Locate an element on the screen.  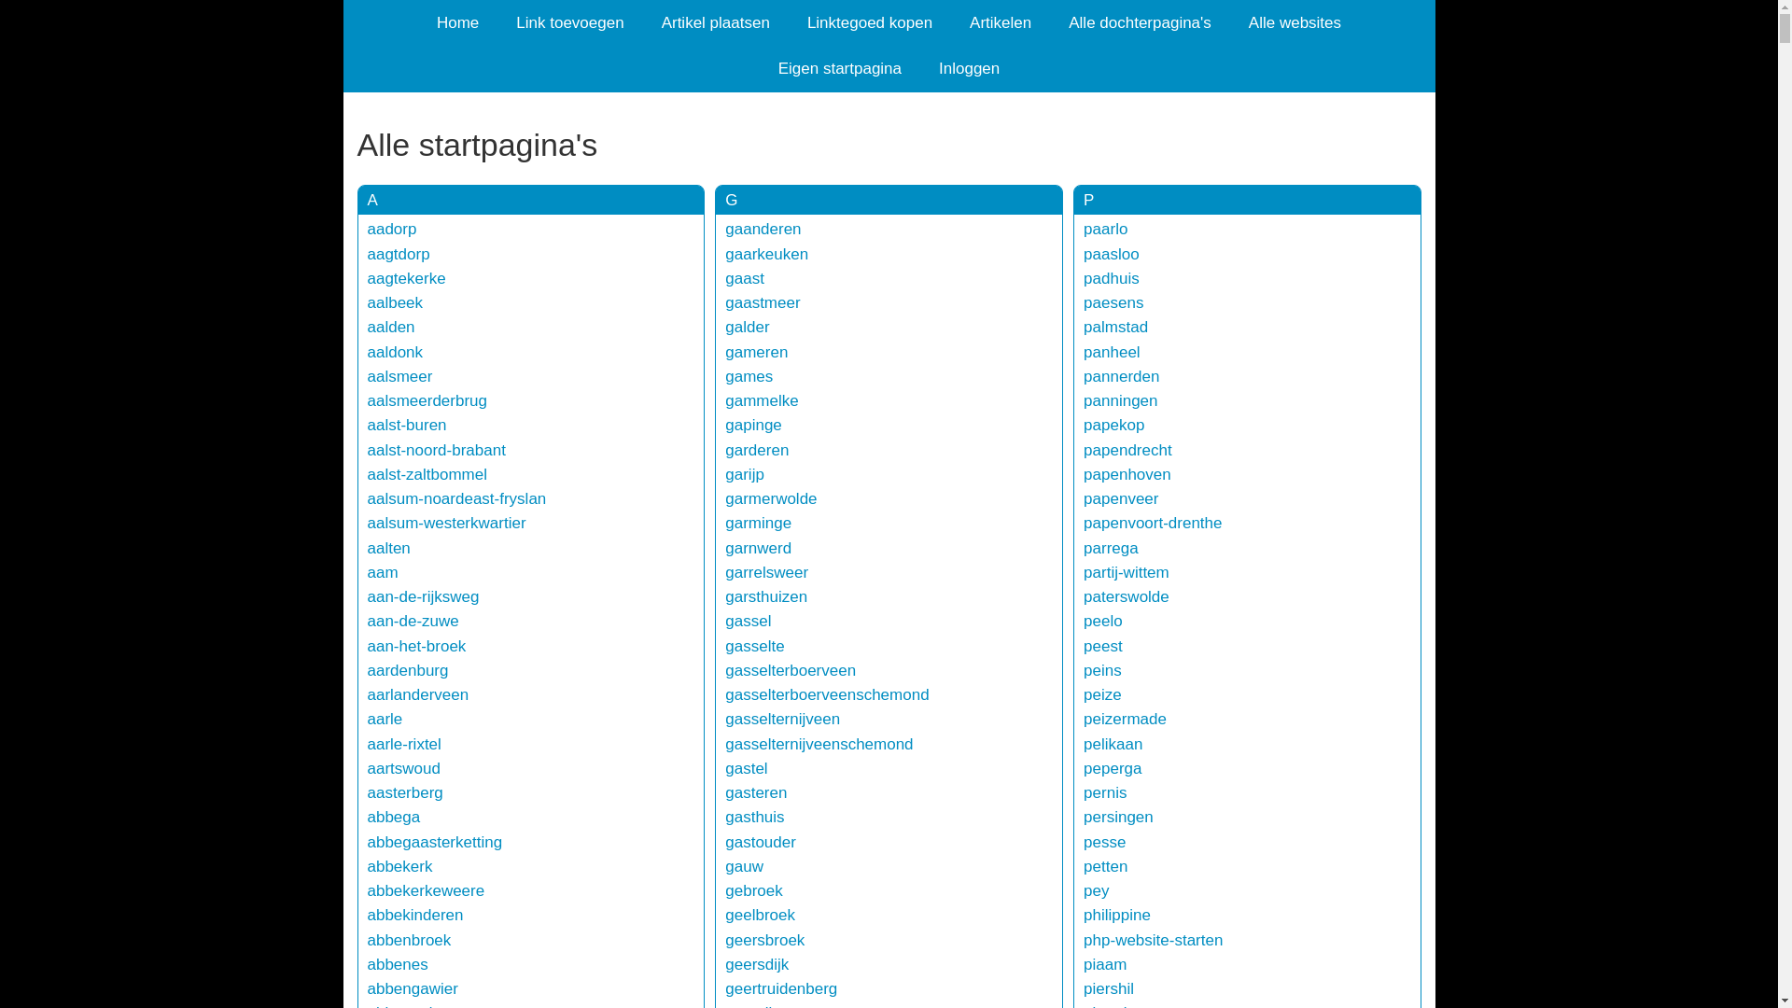
'papenvoort-drenthe' is located at coordinates (1151, 523).